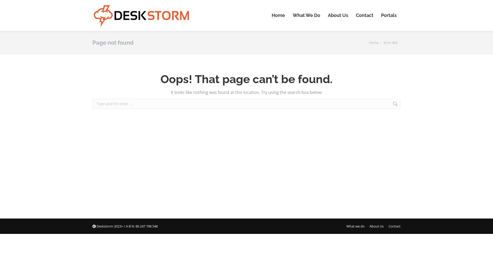 The image size is (493, 277). What do you see at coordinates (376, 226) in the screenshot?
I see `'About Us'` at bounding box center [376, 226].